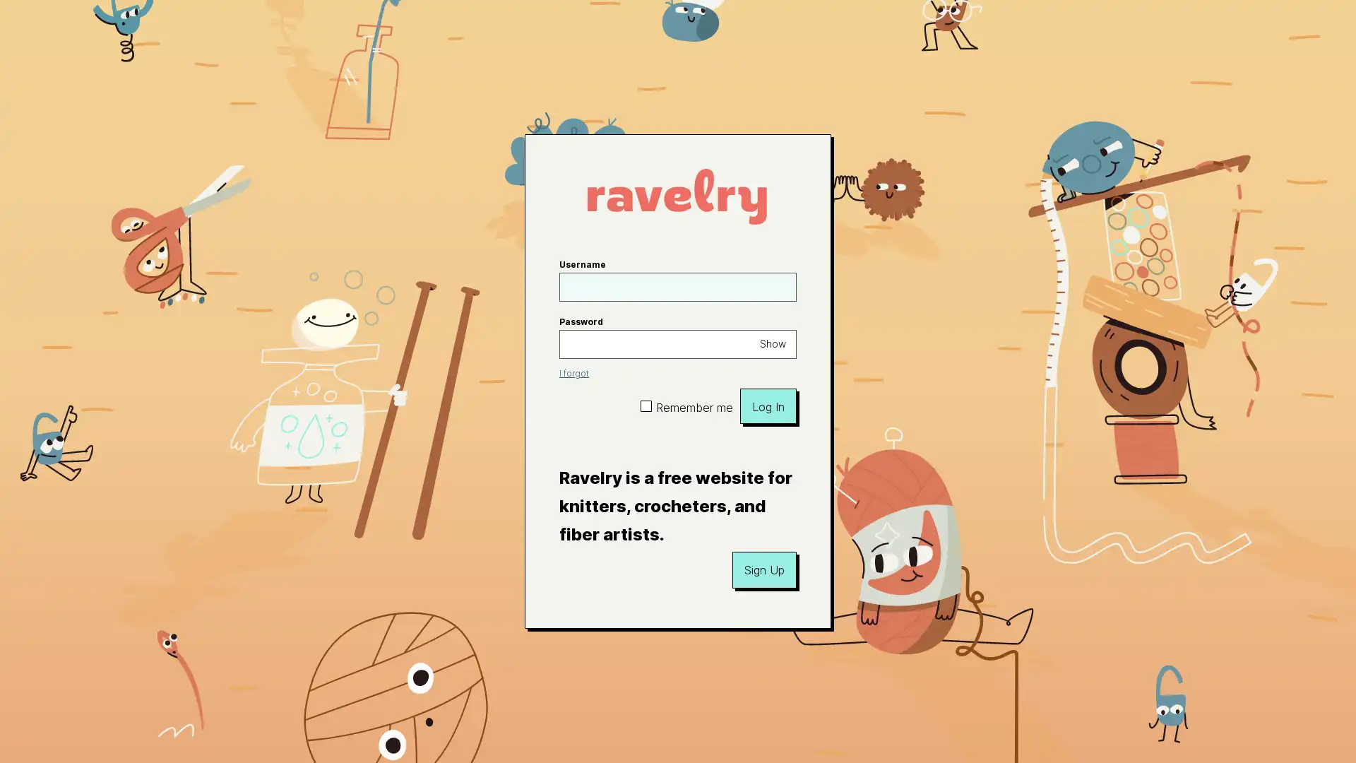 This screenshot has width=1356, height=763. Describe the element at coordinates (763, 569) in the screenshot. I see `Sign Up` at that location.